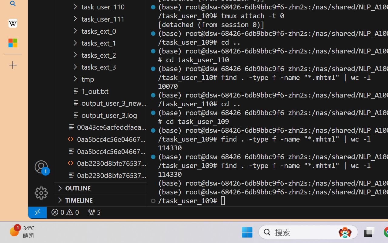 The image size is (388, 243). I want to click on 'Earth - Wikipedia', so click(13, 23).